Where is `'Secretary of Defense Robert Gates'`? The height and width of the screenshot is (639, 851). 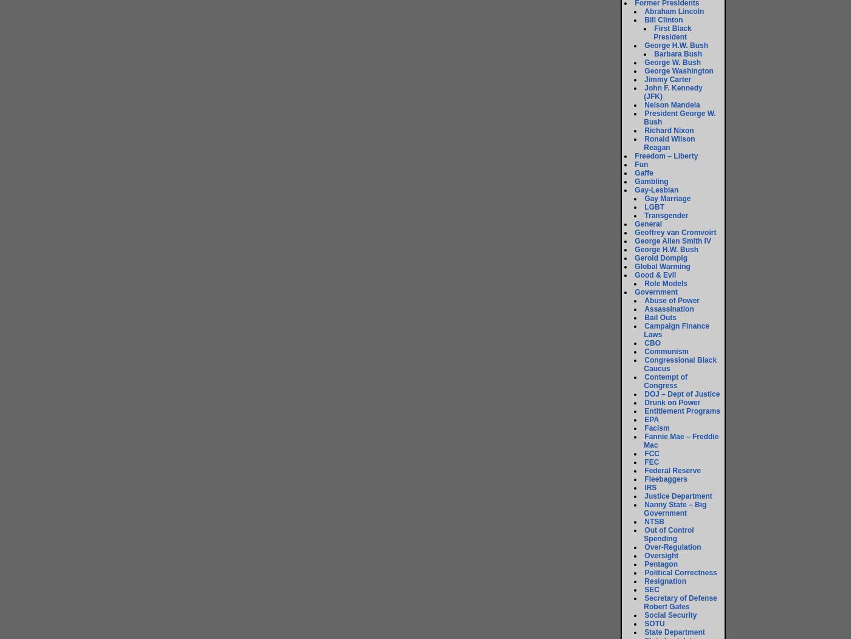
'Secretary of Defense Robert Gates' is located at coordinates (643, 603).